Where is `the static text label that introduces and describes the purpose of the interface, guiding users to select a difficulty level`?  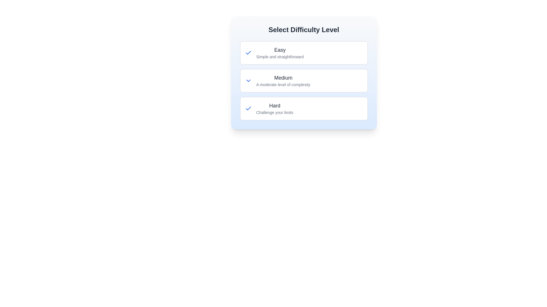
the static text label that introduces and describes the purpose of the interface, guiding users to select a difficulty level is located at coordinates (303, 30).